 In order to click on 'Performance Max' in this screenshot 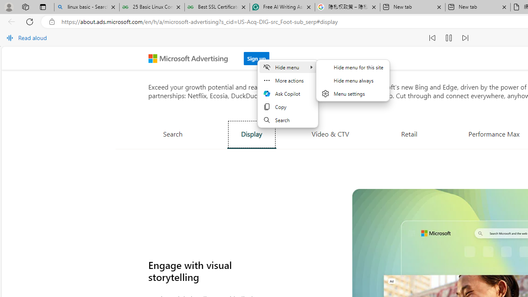, I will do `click(494, 133)`.